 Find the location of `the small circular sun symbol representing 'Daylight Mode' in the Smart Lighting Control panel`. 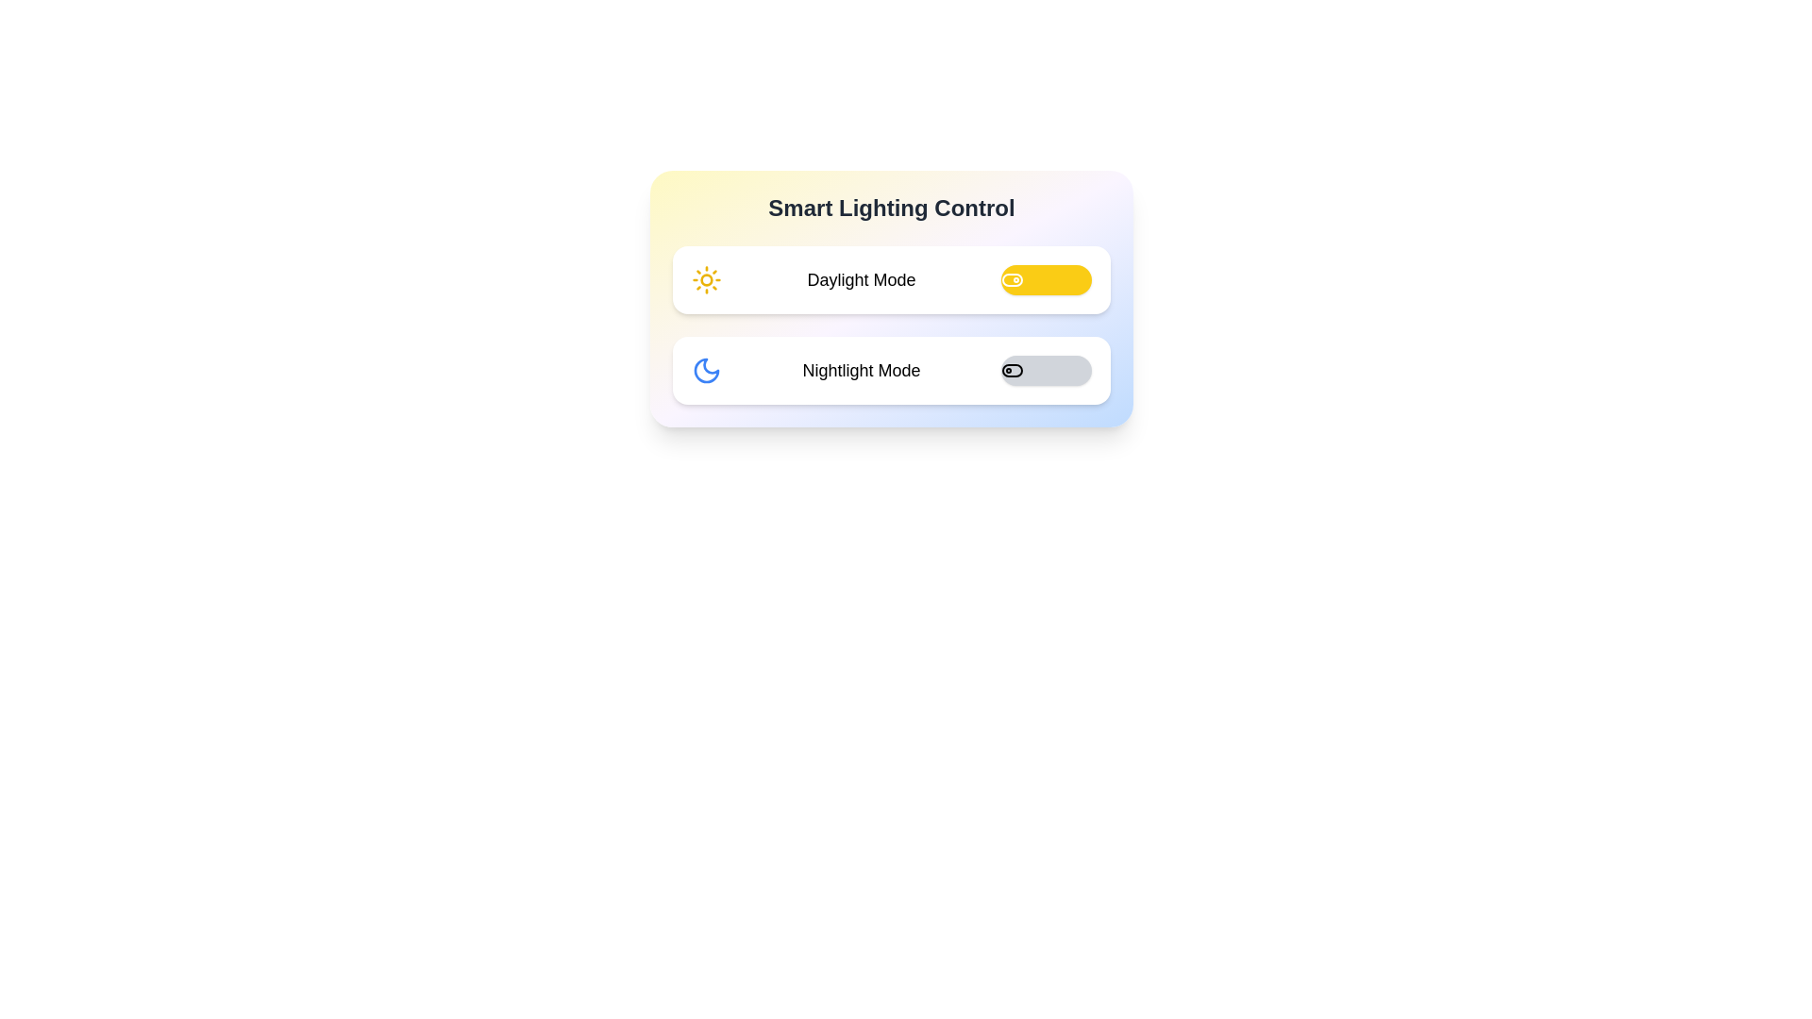

the small circular sun symbol representing 'Daylight Mode' in the Smart Lighting Control panel is located at coordinates (705, 280).